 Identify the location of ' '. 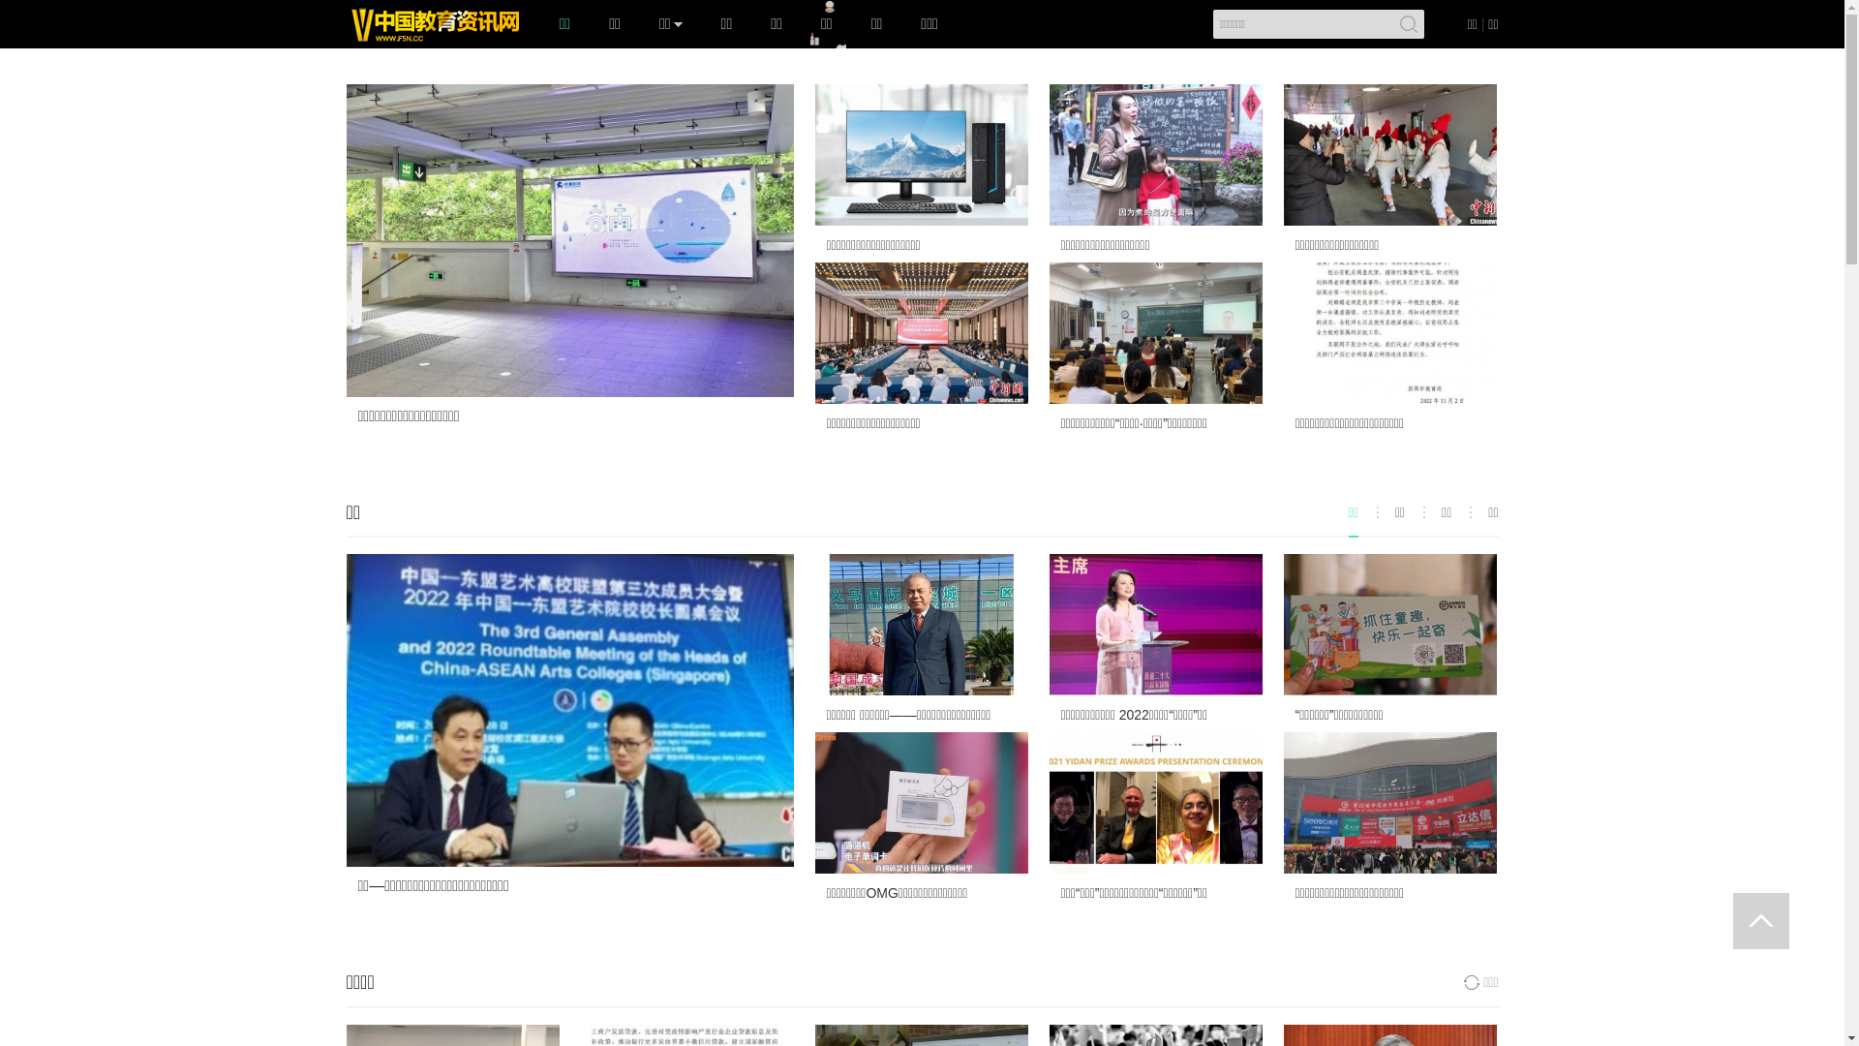
(1761, 920).